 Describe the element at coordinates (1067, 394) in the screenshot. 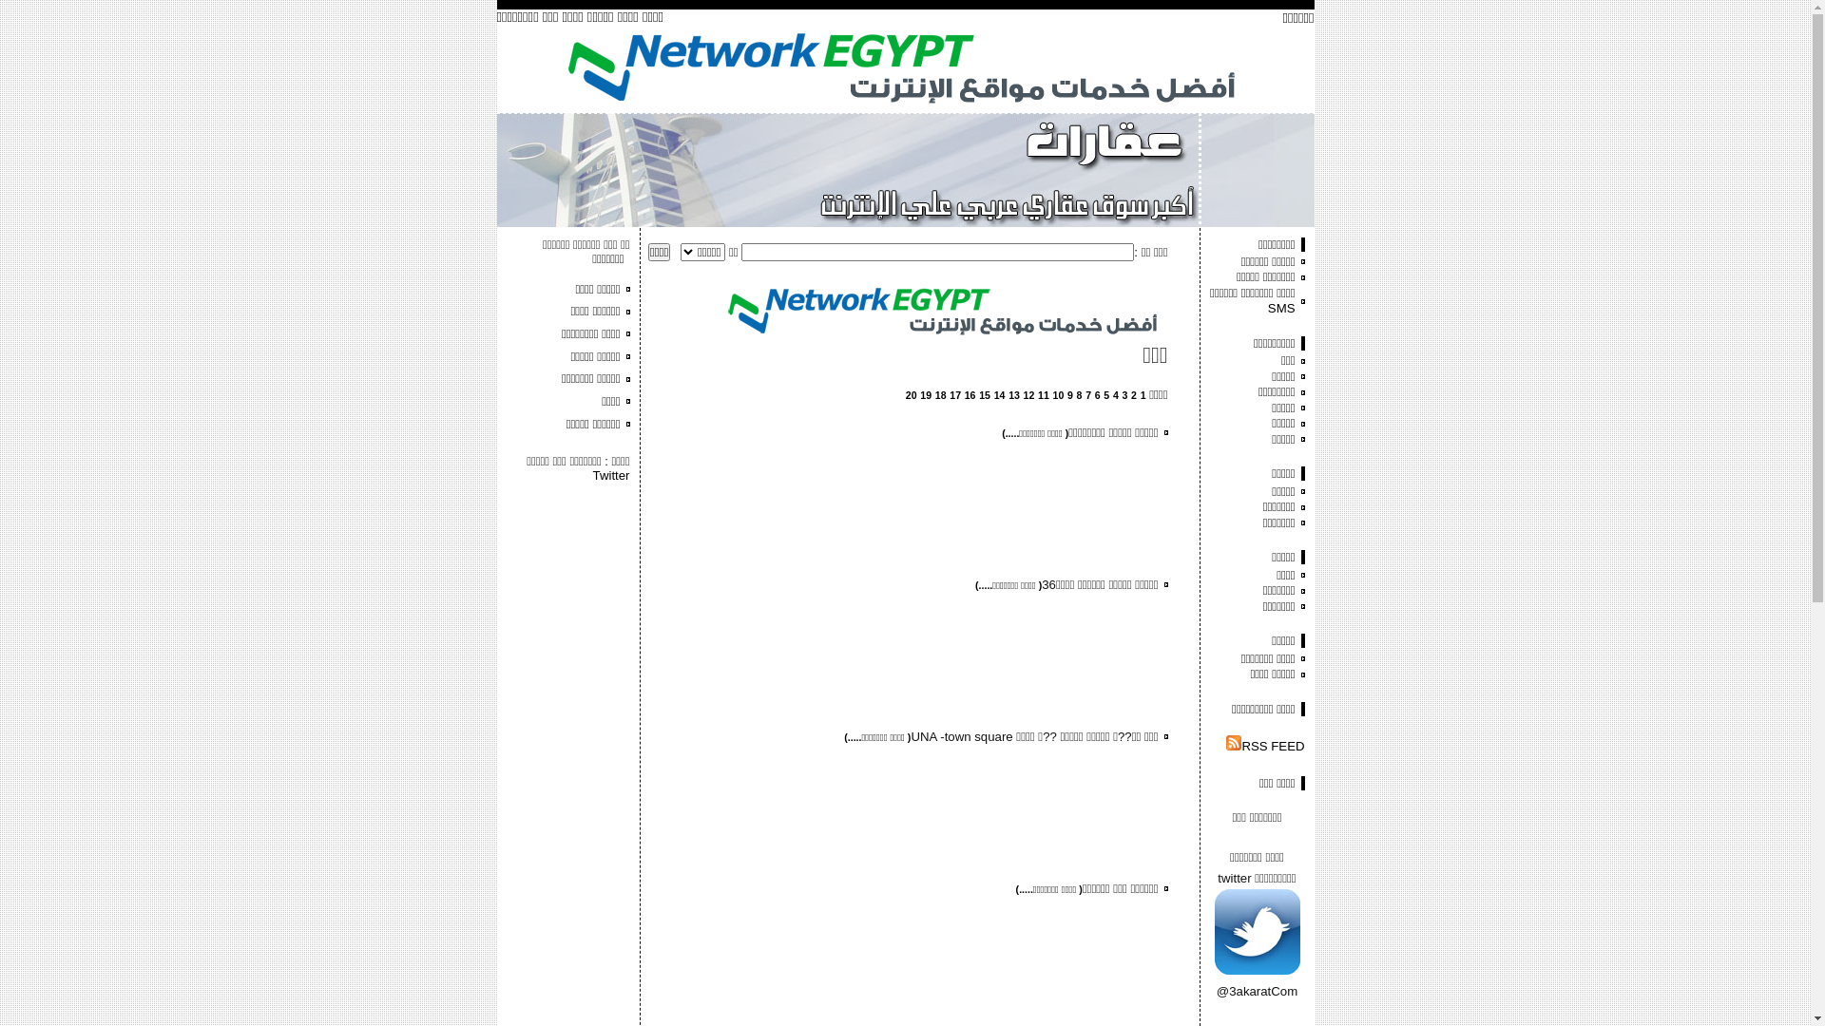

I see `'9'` at that location.